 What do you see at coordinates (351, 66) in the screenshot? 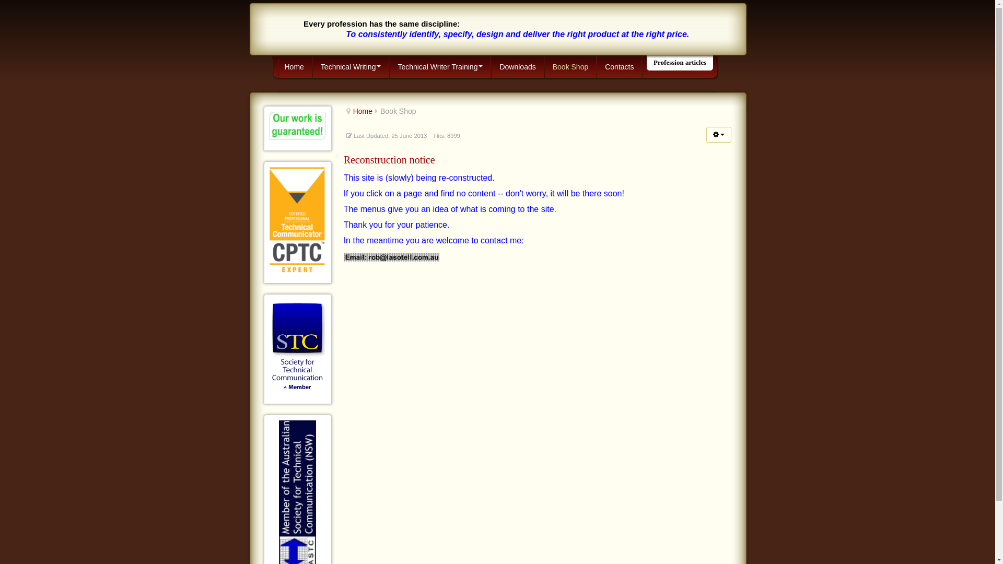
I see `'Technical Writing'` at bounding box center [351, 66].